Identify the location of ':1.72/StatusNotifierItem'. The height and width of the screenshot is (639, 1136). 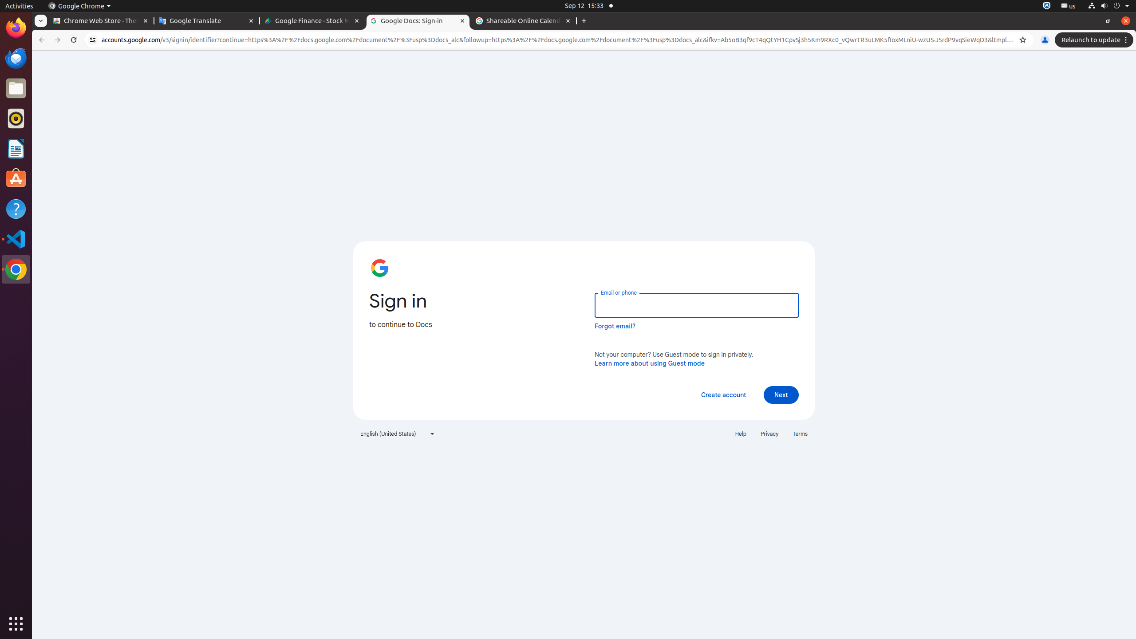
(1047, 5).